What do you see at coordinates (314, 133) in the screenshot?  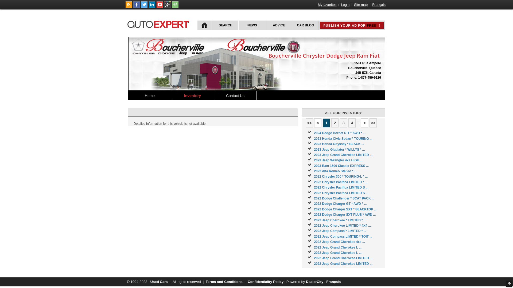 I see `'2024 Dodge Hornet R-T * AWD * ...'` at bounding box center [314, 133].